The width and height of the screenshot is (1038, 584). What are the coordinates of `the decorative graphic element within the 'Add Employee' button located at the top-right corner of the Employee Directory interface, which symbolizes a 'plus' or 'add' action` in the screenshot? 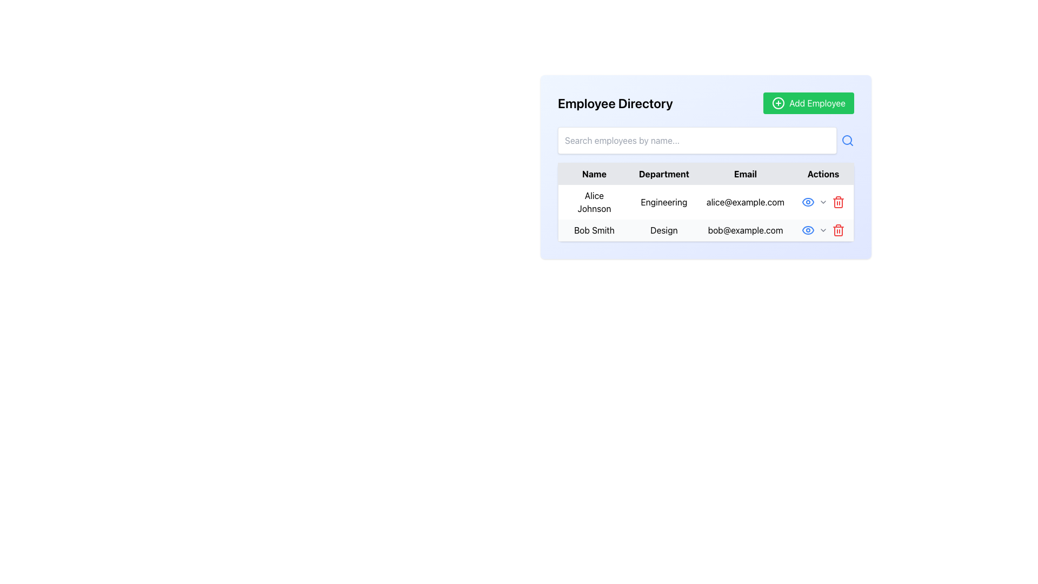 It's located at (778, 103).